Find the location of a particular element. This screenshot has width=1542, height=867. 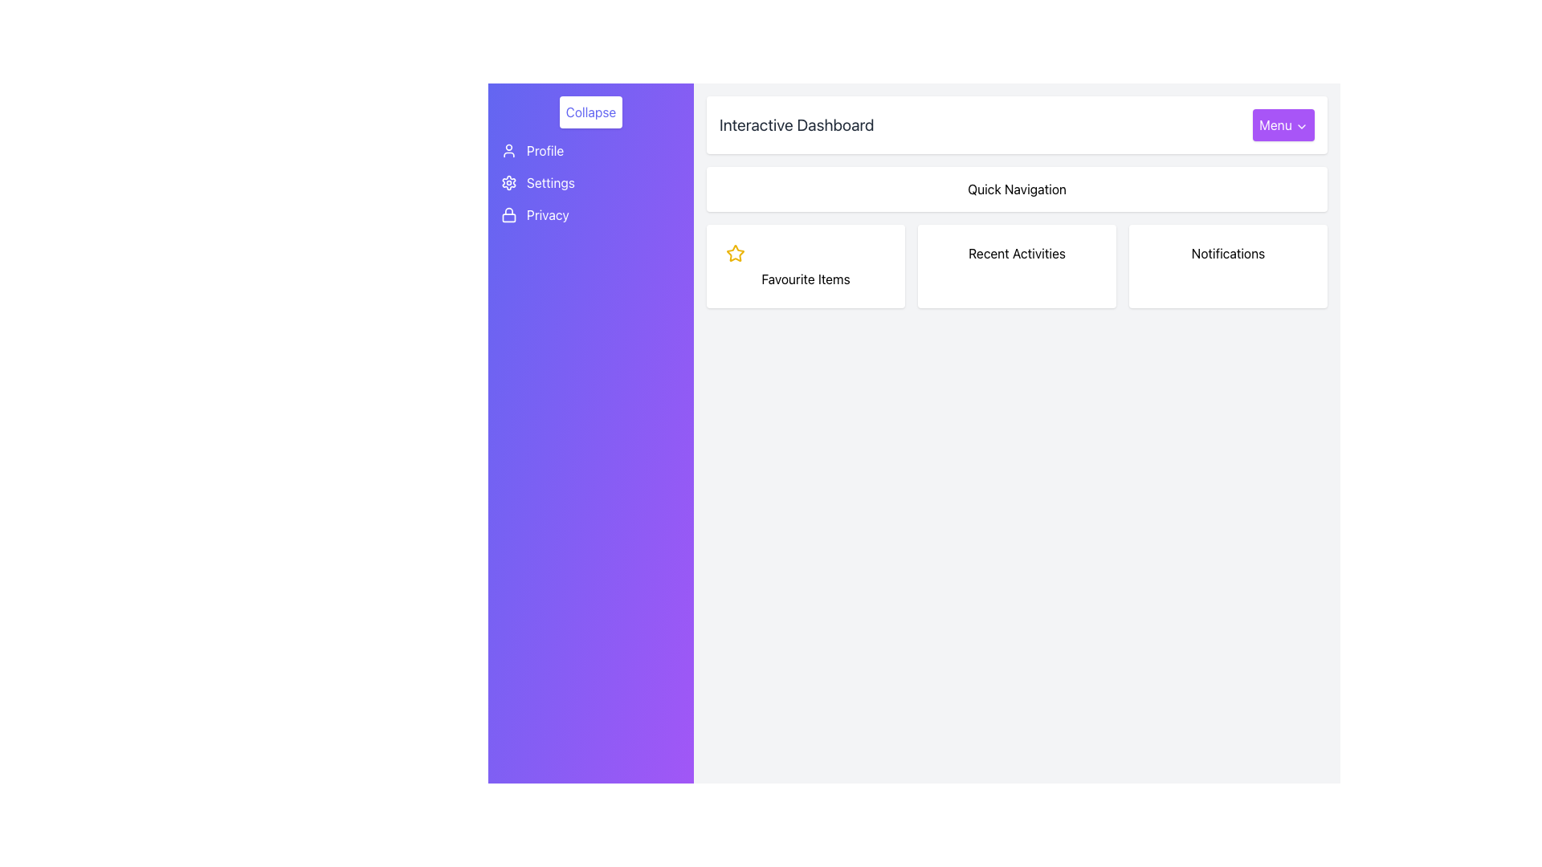

the gear icon in the sidebar menu next to the 'Settings' text is located at coordinates (508, 181).